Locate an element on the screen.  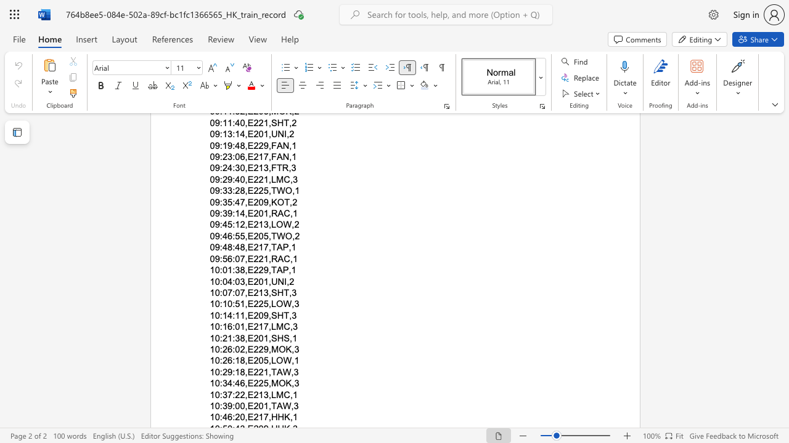
the space between the continuous character "1" and "," in the text is located at coordinates (267, 371).